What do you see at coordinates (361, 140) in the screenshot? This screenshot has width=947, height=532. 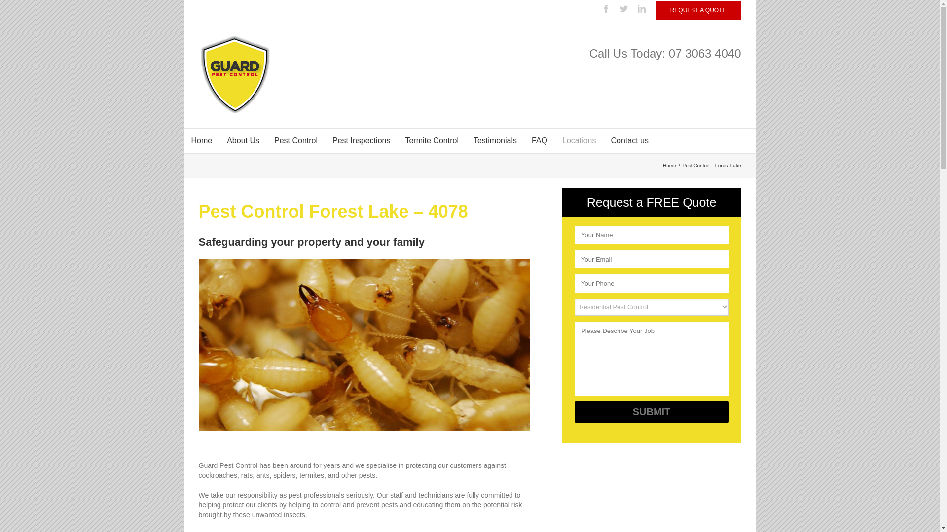 I see `'Pest Inspections'` at bounding box center [361, 140].